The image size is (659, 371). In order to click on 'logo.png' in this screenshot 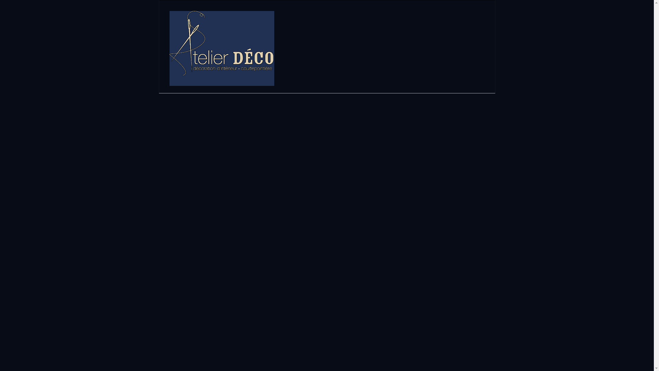, I will do `click(222, 48)`.